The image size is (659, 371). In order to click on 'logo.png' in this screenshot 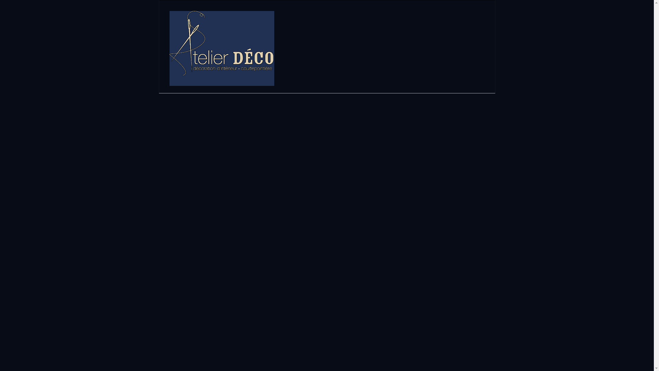, I will do `click(222, 48)`.